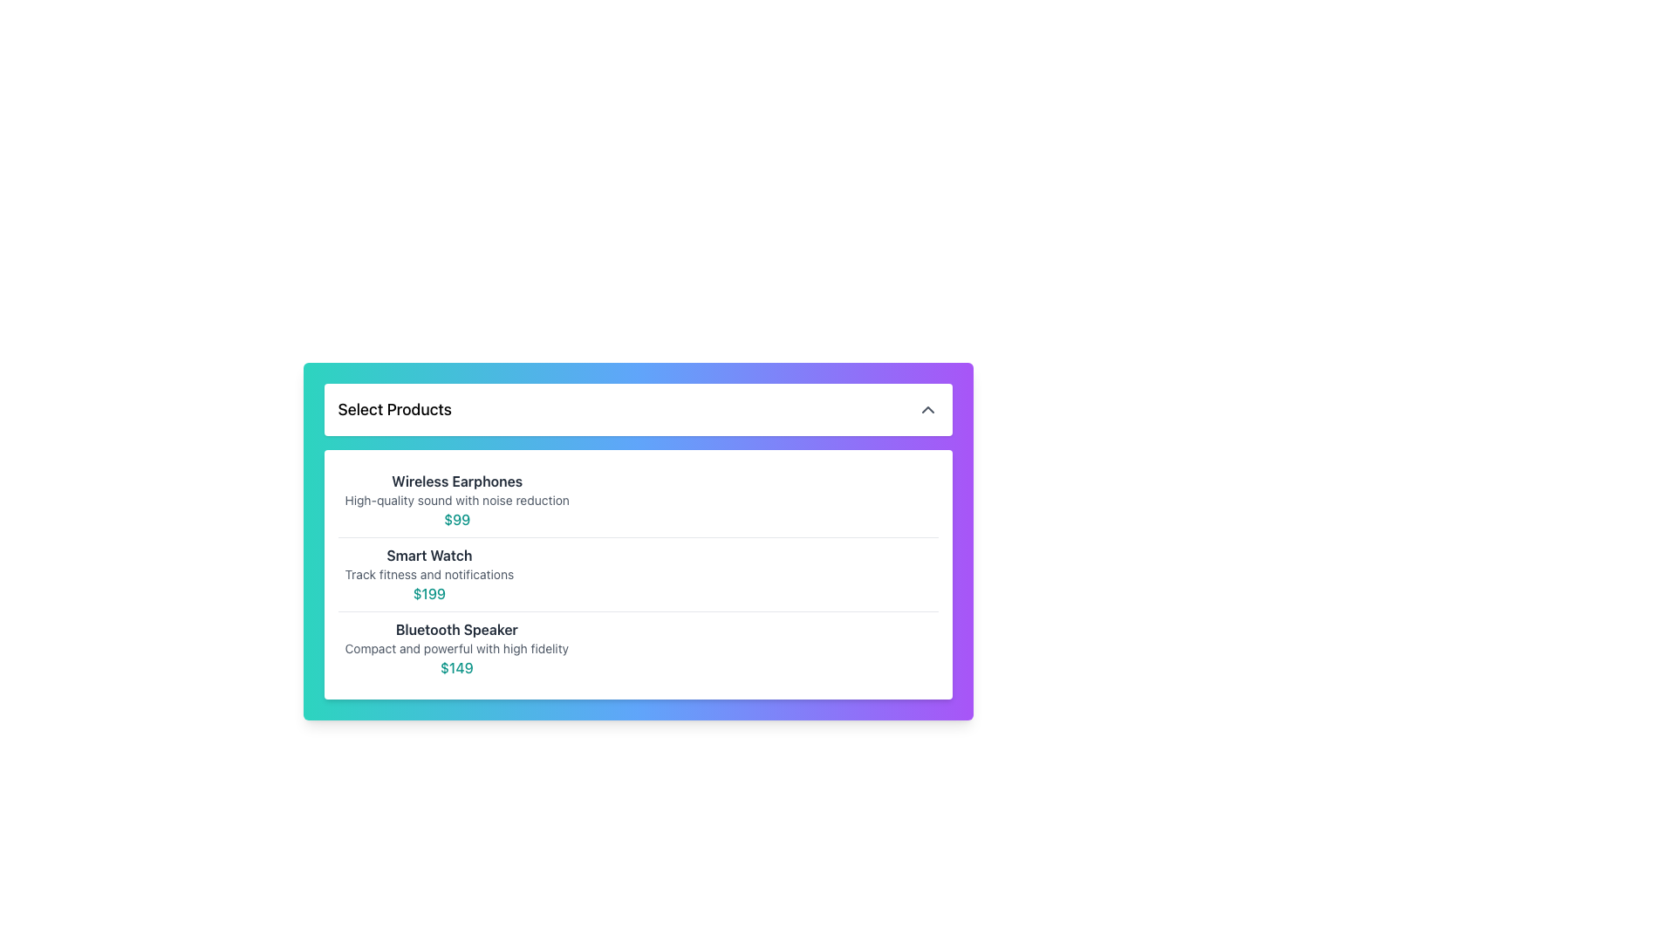  I want to click on the Text Label that serves as a title for the product 'Wireless Earphones' located at the top of the 'Select Products' section, so click(457, 481).